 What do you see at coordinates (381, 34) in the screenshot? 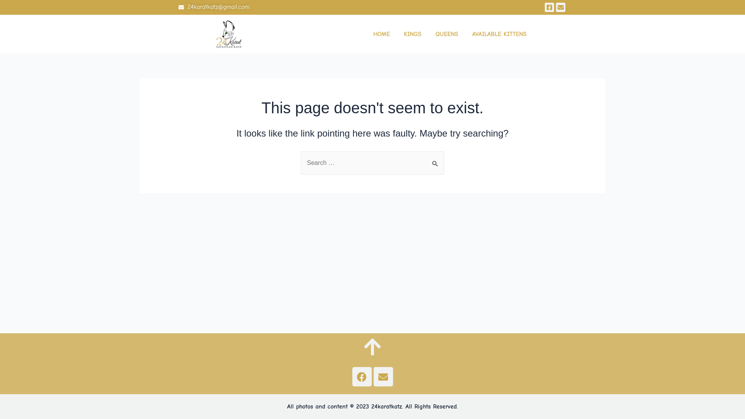
I see `'HOME'` at bounding box center [381, 34].